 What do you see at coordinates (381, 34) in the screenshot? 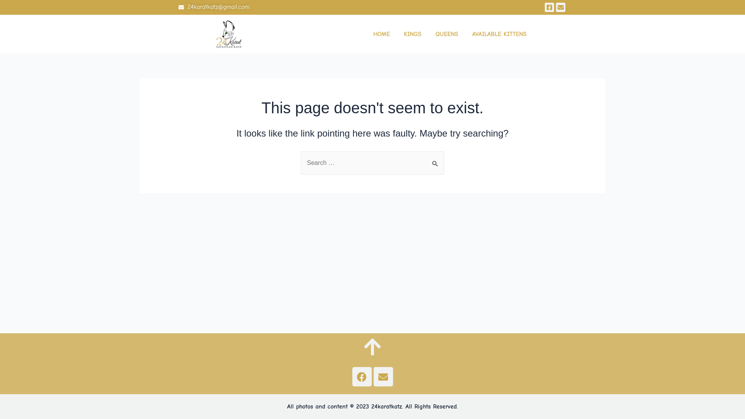
I see `'HOME'` at bounding box center [381, 34].